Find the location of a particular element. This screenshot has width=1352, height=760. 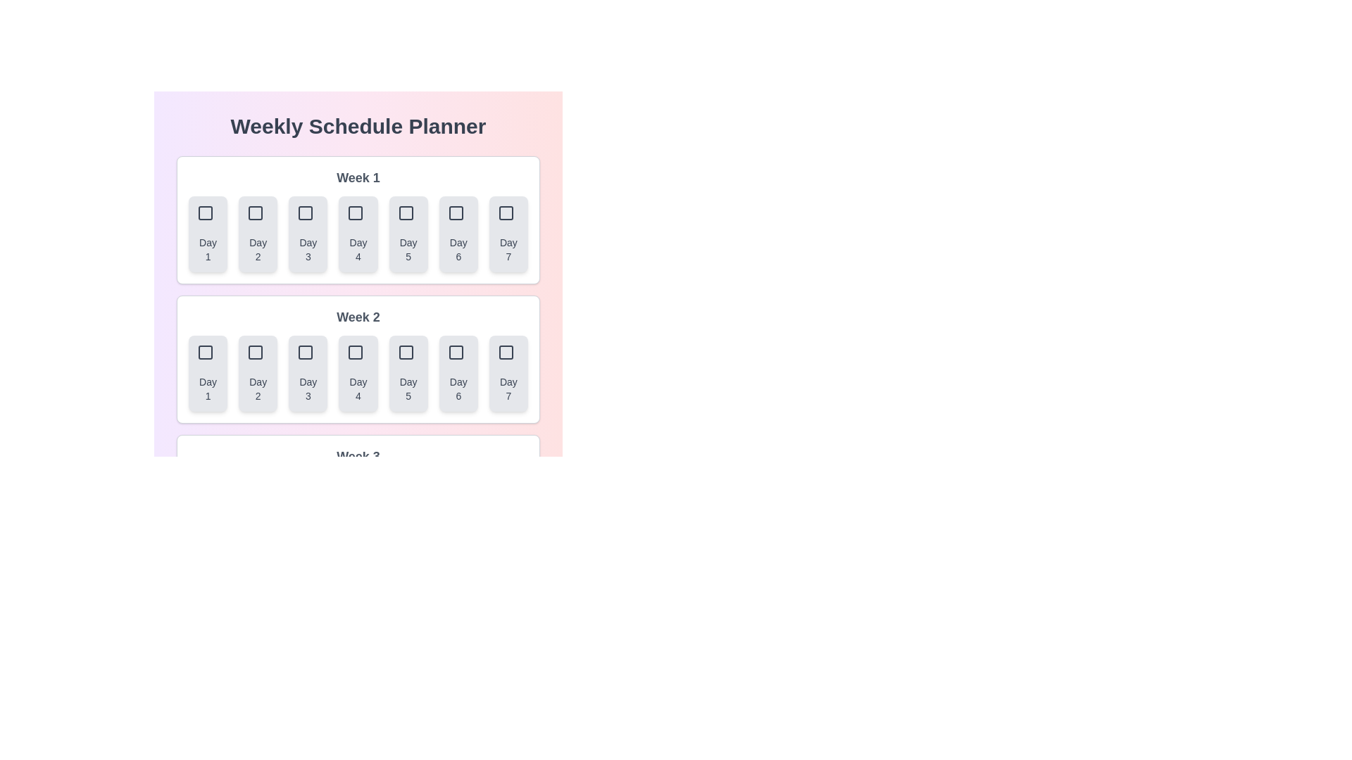

the button corresponding to Week 3 and Day 6 to select that day is located at coordinates (458, 513).